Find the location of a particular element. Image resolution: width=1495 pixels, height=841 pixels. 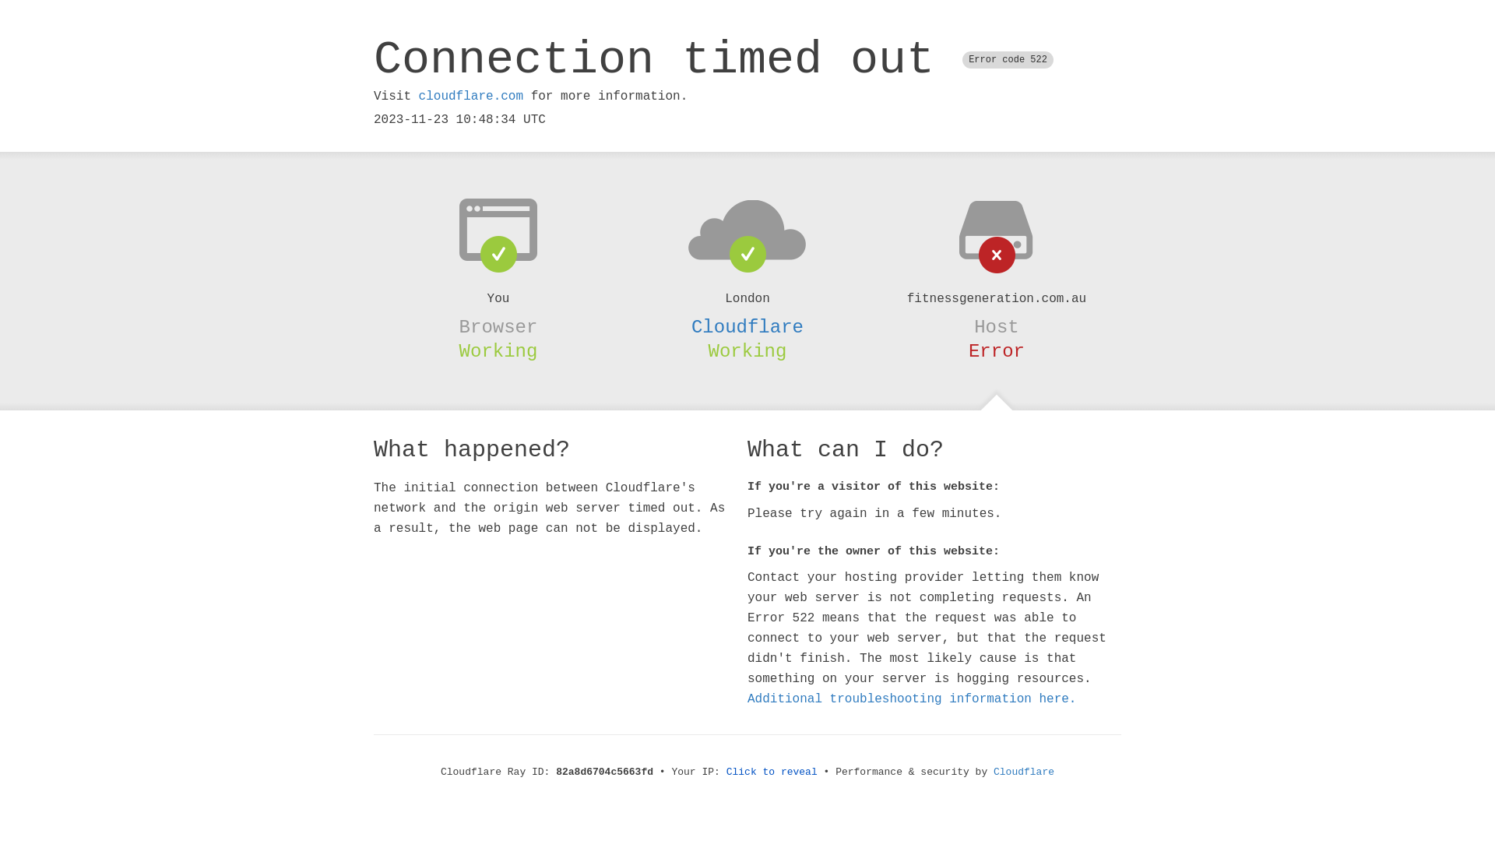

'Cloudflare' is located at coordinates (993, 772).